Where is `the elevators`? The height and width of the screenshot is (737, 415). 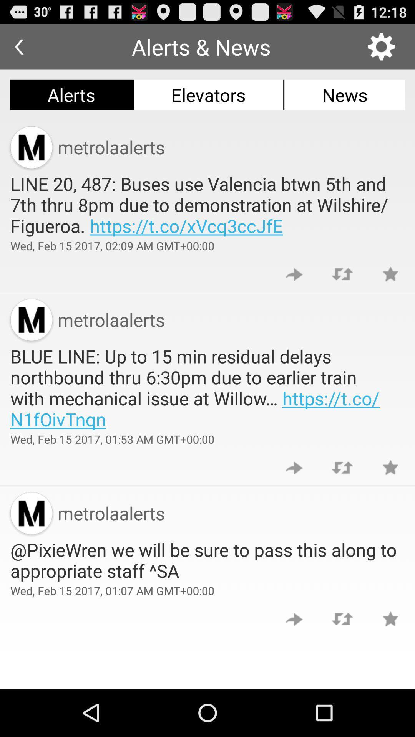
the elevators is located at coordinates (208, 94).